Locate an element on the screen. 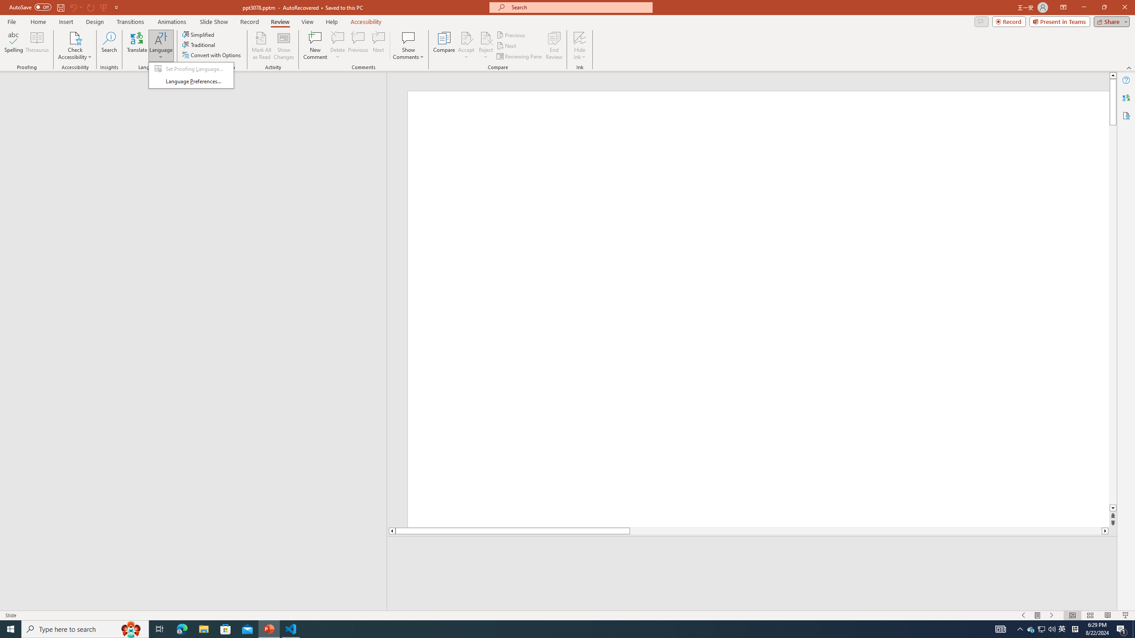  'Next' is located at coordinates (506, 46).